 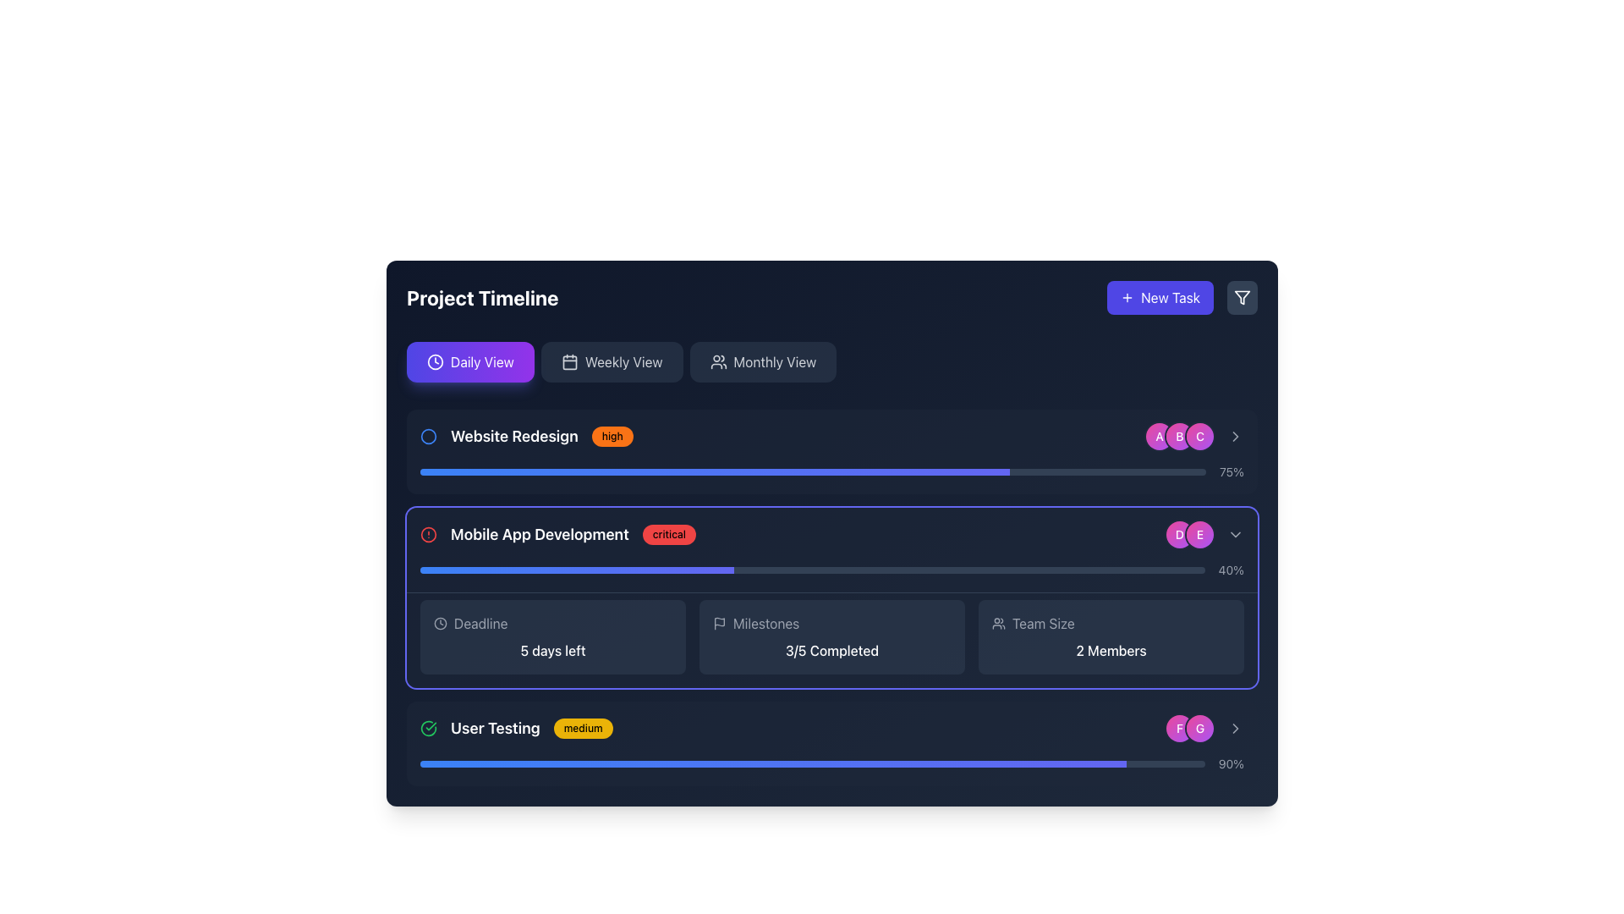 What do you see at coordinates (611, 361) in the screenshot?
I see `the 'Weekly View' button, which is the second of three sibling buttons styled with a dark background and light gray text` at bounding box center [611, 361].